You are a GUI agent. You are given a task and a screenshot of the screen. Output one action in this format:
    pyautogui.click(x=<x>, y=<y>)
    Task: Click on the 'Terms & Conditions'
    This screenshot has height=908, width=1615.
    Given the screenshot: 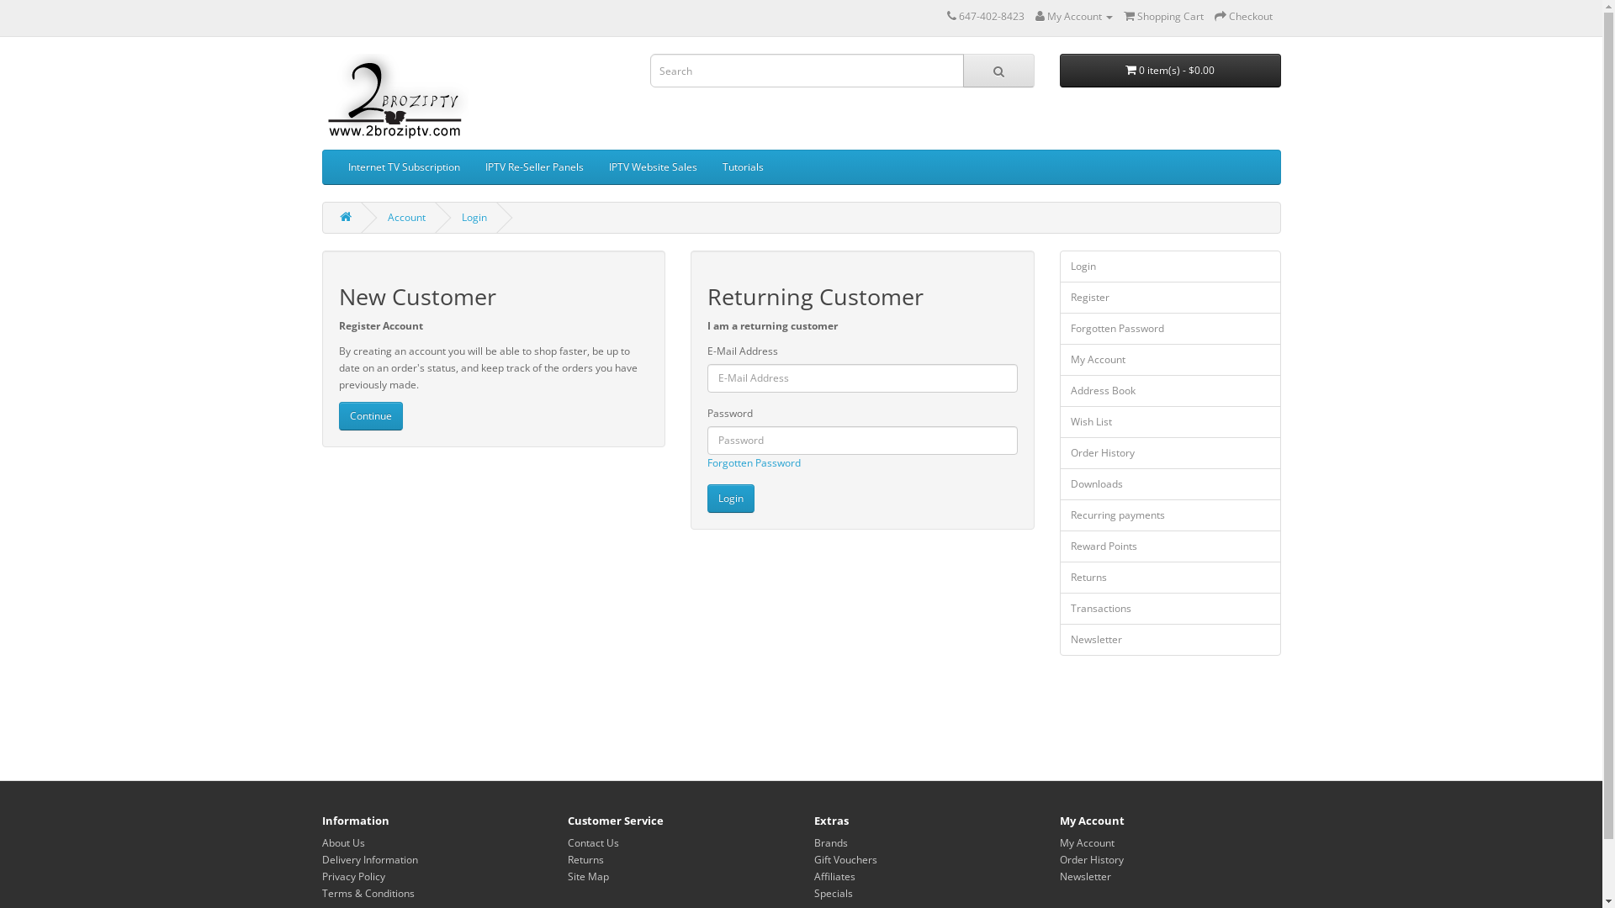 What is the action you would take?
    pyautogui.click(x=366, y=892)
    